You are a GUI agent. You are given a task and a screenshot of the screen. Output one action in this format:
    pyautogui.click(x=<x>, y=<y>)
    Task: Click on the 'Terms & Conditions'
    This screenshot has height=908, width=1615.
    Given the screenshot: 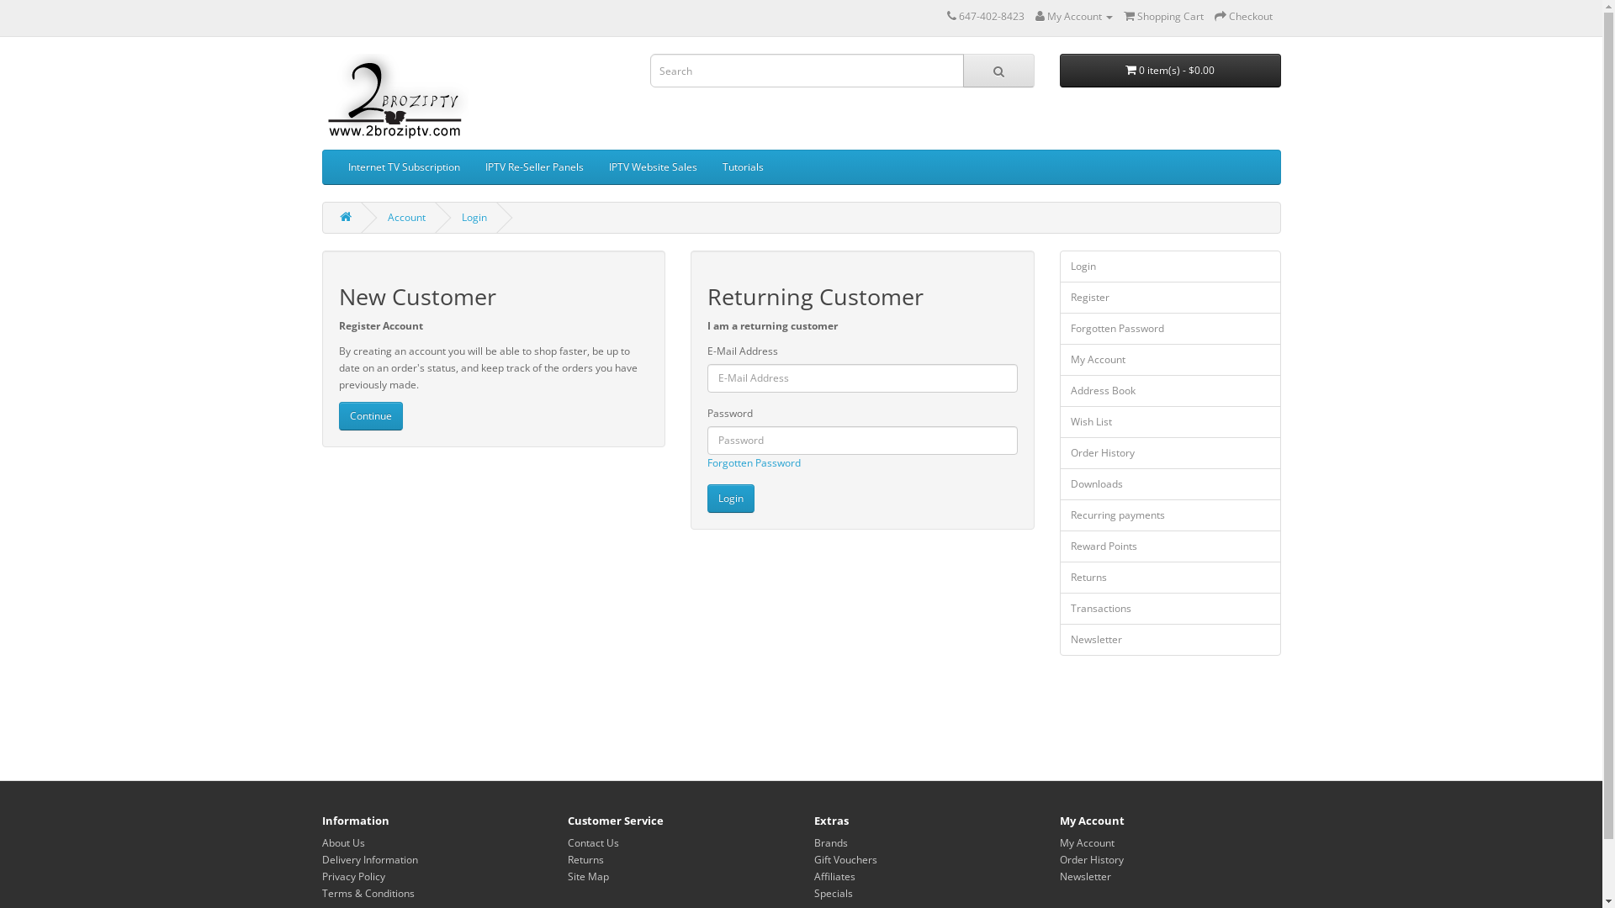 What is the action you would take?
    pyautogui.click(x=366, y=892)
    